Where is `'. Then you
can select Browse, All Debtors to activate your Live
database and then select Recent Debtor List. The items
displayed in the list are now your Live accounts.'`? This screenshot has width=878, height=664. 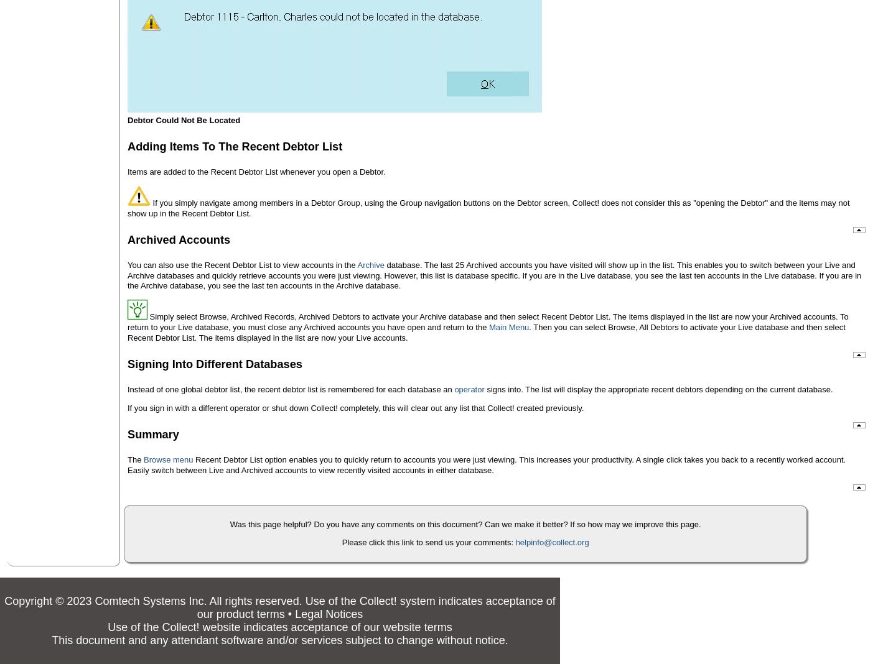 '. Then you
can select Browse, All Debtors to activate your Live
database and then select Recent Debtor List. The items
displayed in the list are now your Live accounts.' is located at coordinates (128, 332).